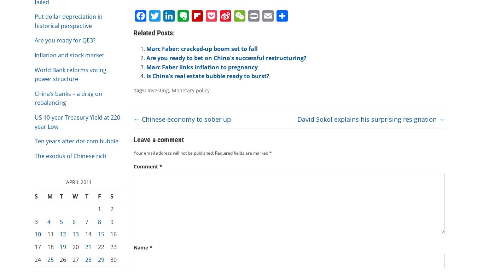 Image resolution: width=483 pixels, height=276 pixels. Describe the element at coordinates (78, 182) in the screenshot. I see `'April 2011'` at that location.